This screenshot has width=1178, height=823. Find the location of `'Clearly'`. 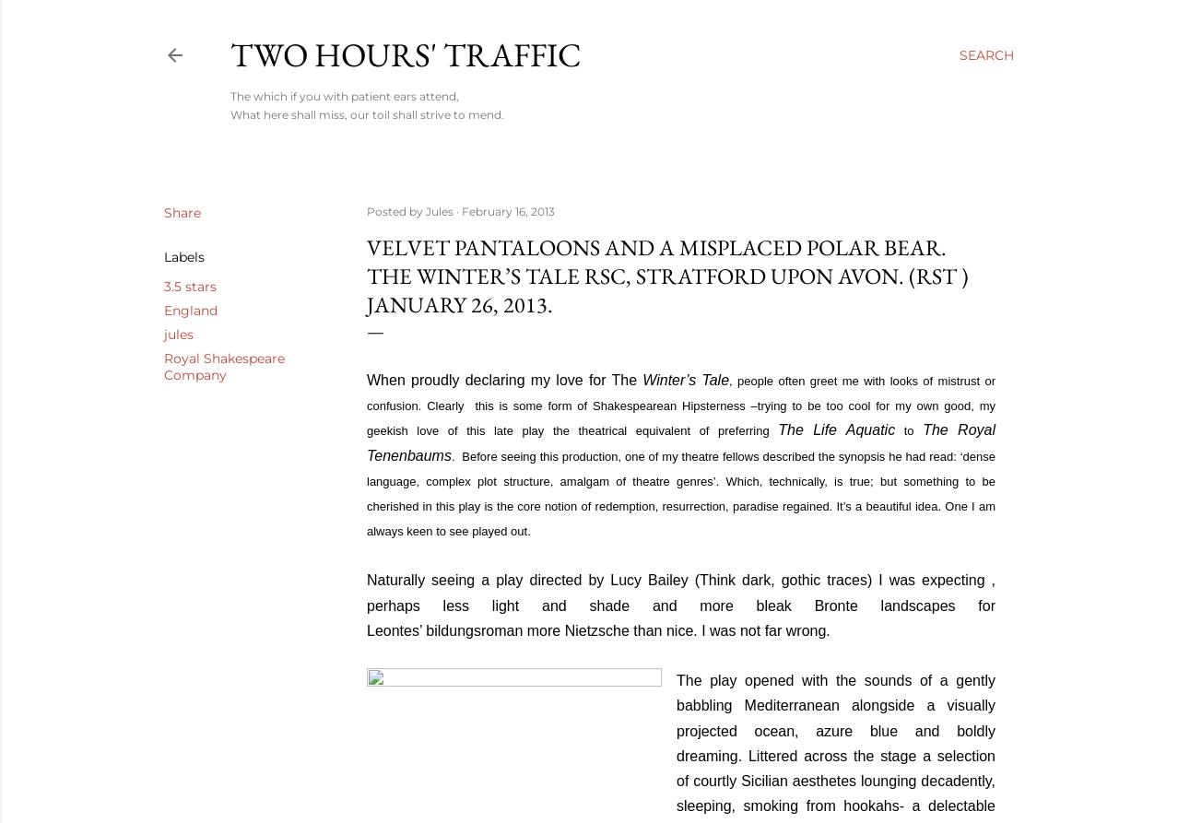

'Clearly' is located at coordinates (426, 406).